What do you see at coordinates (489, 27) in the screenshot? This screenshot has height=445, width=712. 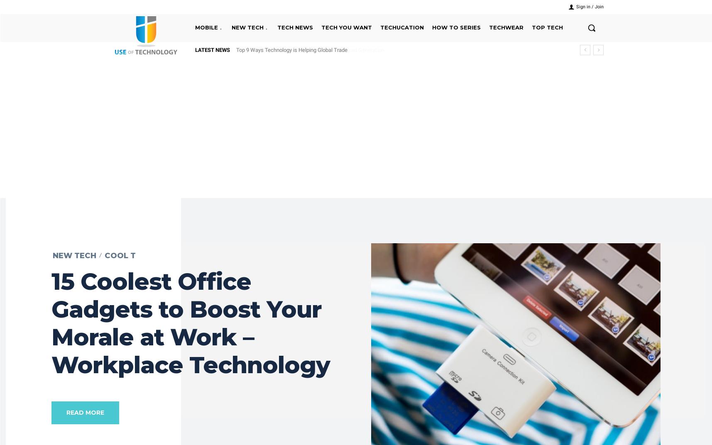 I see `'TechWear'` at bounding box center [489, 27].